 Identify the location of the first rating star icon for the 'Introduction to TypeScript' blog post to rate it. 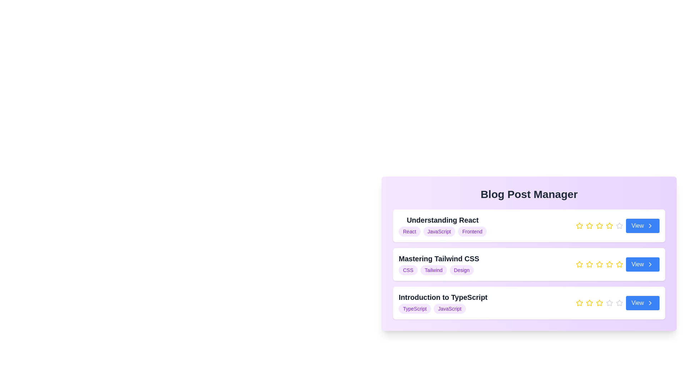
(579, 303).